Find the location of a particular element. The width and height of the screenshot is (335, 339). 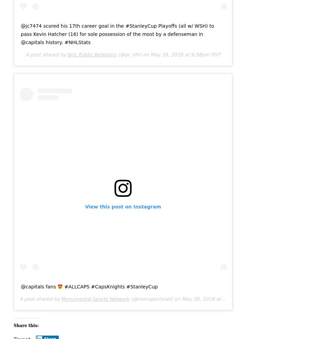

'(@pr_nhl) on' is located at coordinates (133, 54).